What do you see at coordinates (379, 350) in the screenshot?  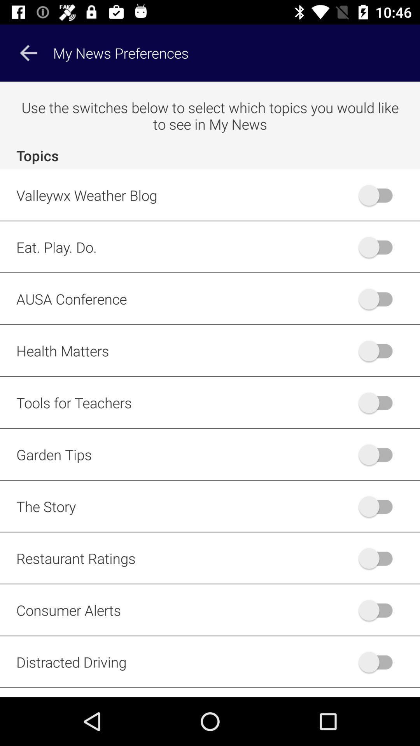 I see `health matters` at bounding box center [379, 350].